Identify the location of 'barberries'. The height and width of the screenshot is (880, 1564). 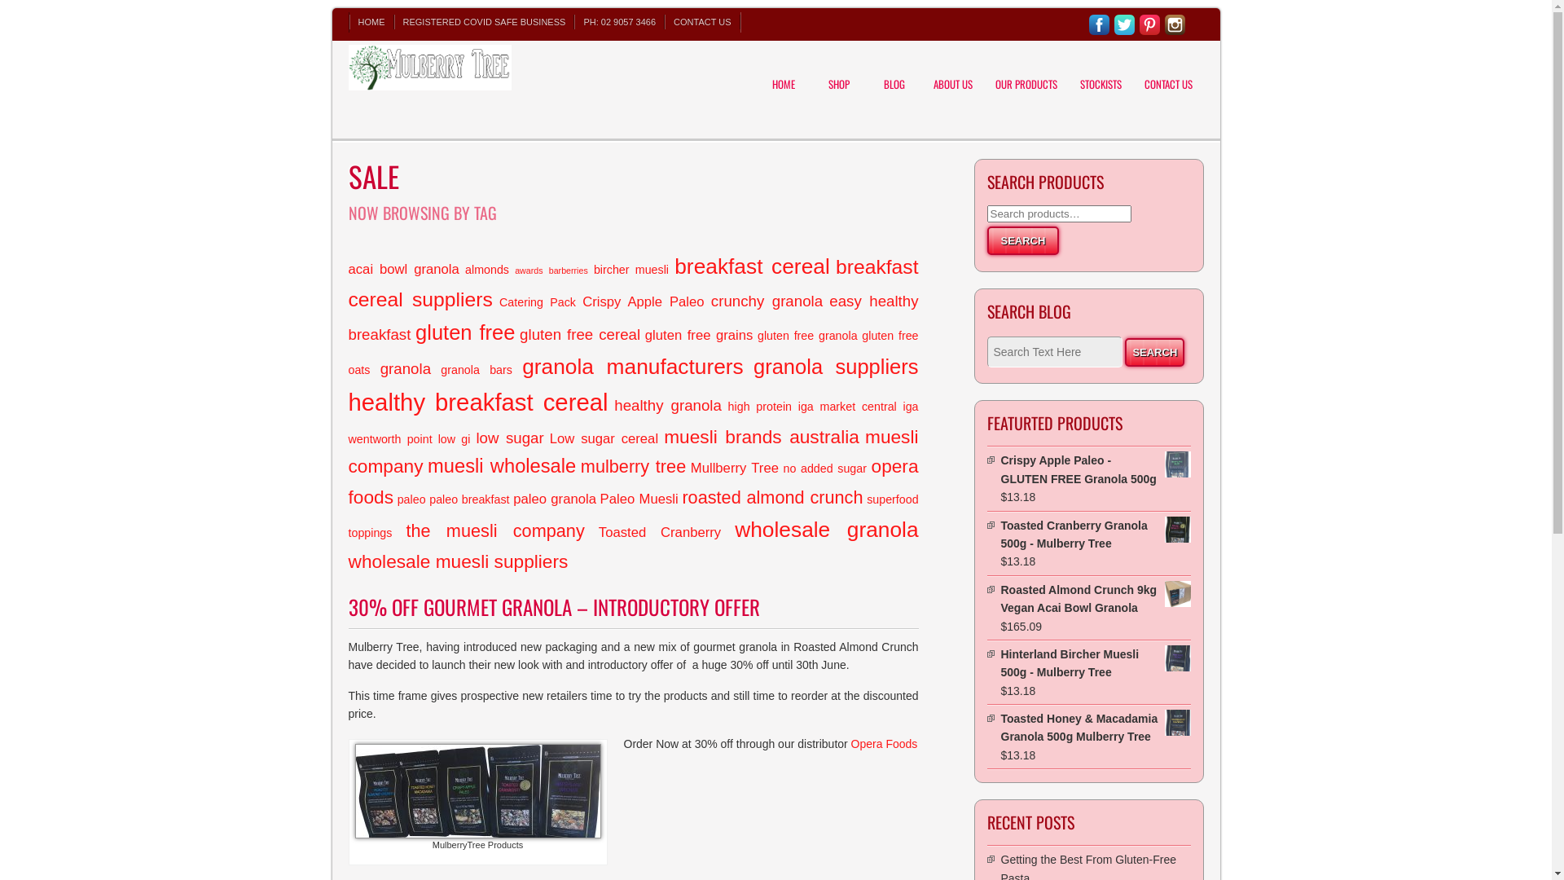
(568, 269).